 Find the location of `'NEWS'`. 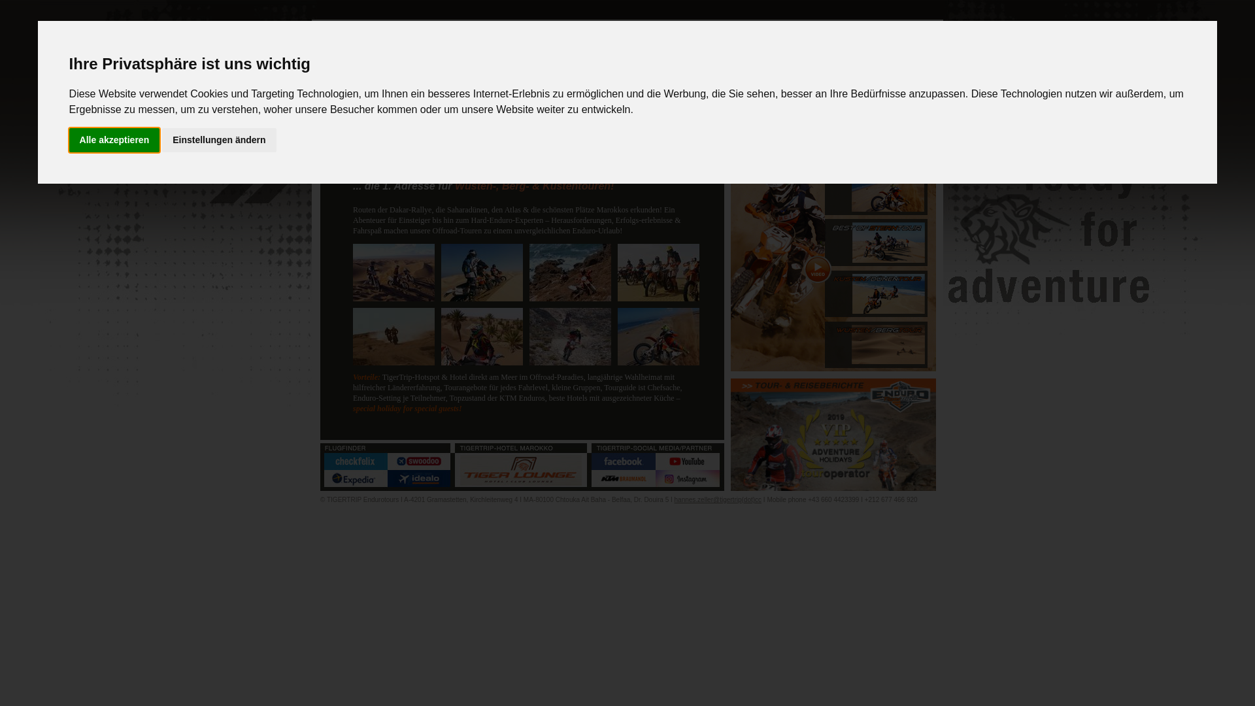

'NEWS' is located at coordinates (320, 133).